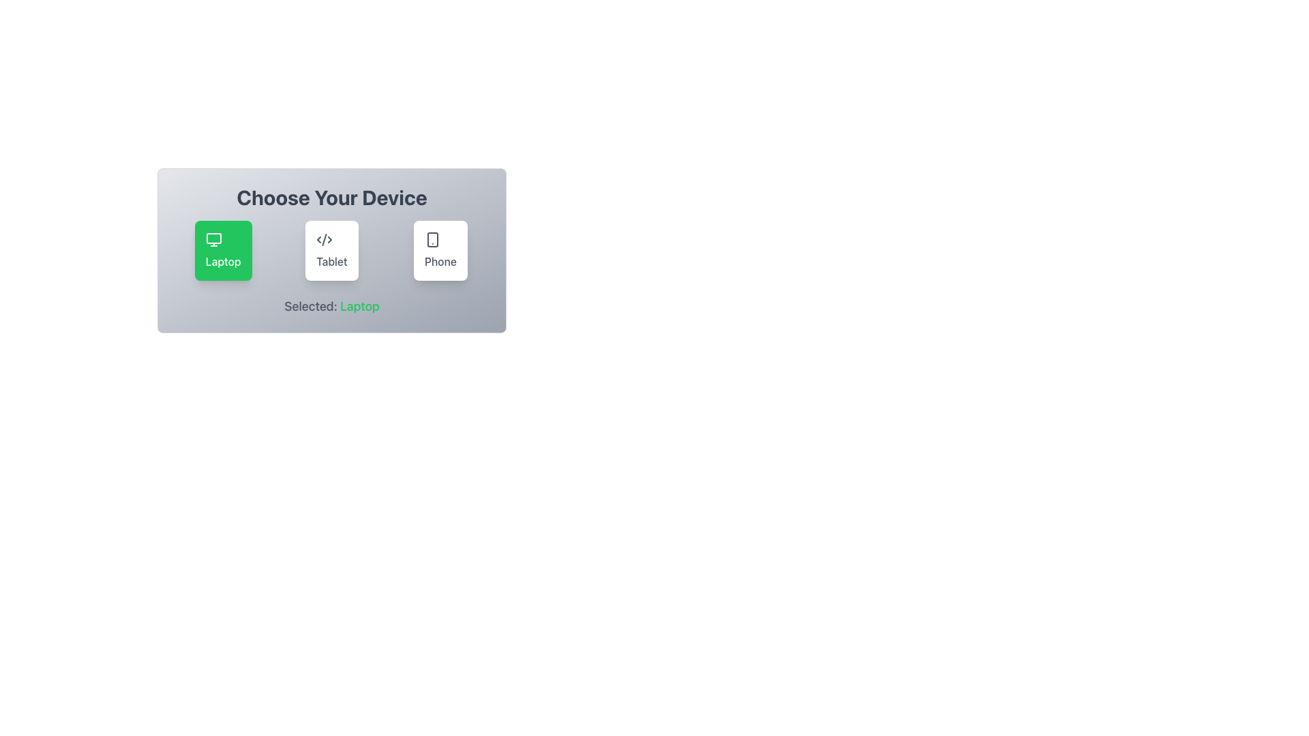 This screenshot has height=736, width=1309. Describe the element at coordinates (440, 262) in the screenshot. I see `text label displaying 'Phone' which is styled in dark gray and located beneath the smartphone icon on a clickable white rectangular card` at that location.